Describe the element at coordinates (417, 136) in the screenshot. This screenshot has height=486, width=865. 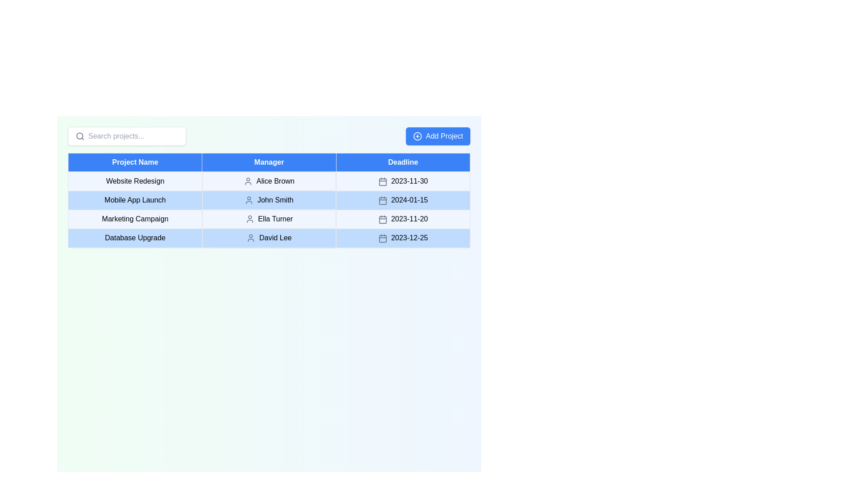
I see `the plus symbol icon located on the left side of the 'Add Project' button` at that location.